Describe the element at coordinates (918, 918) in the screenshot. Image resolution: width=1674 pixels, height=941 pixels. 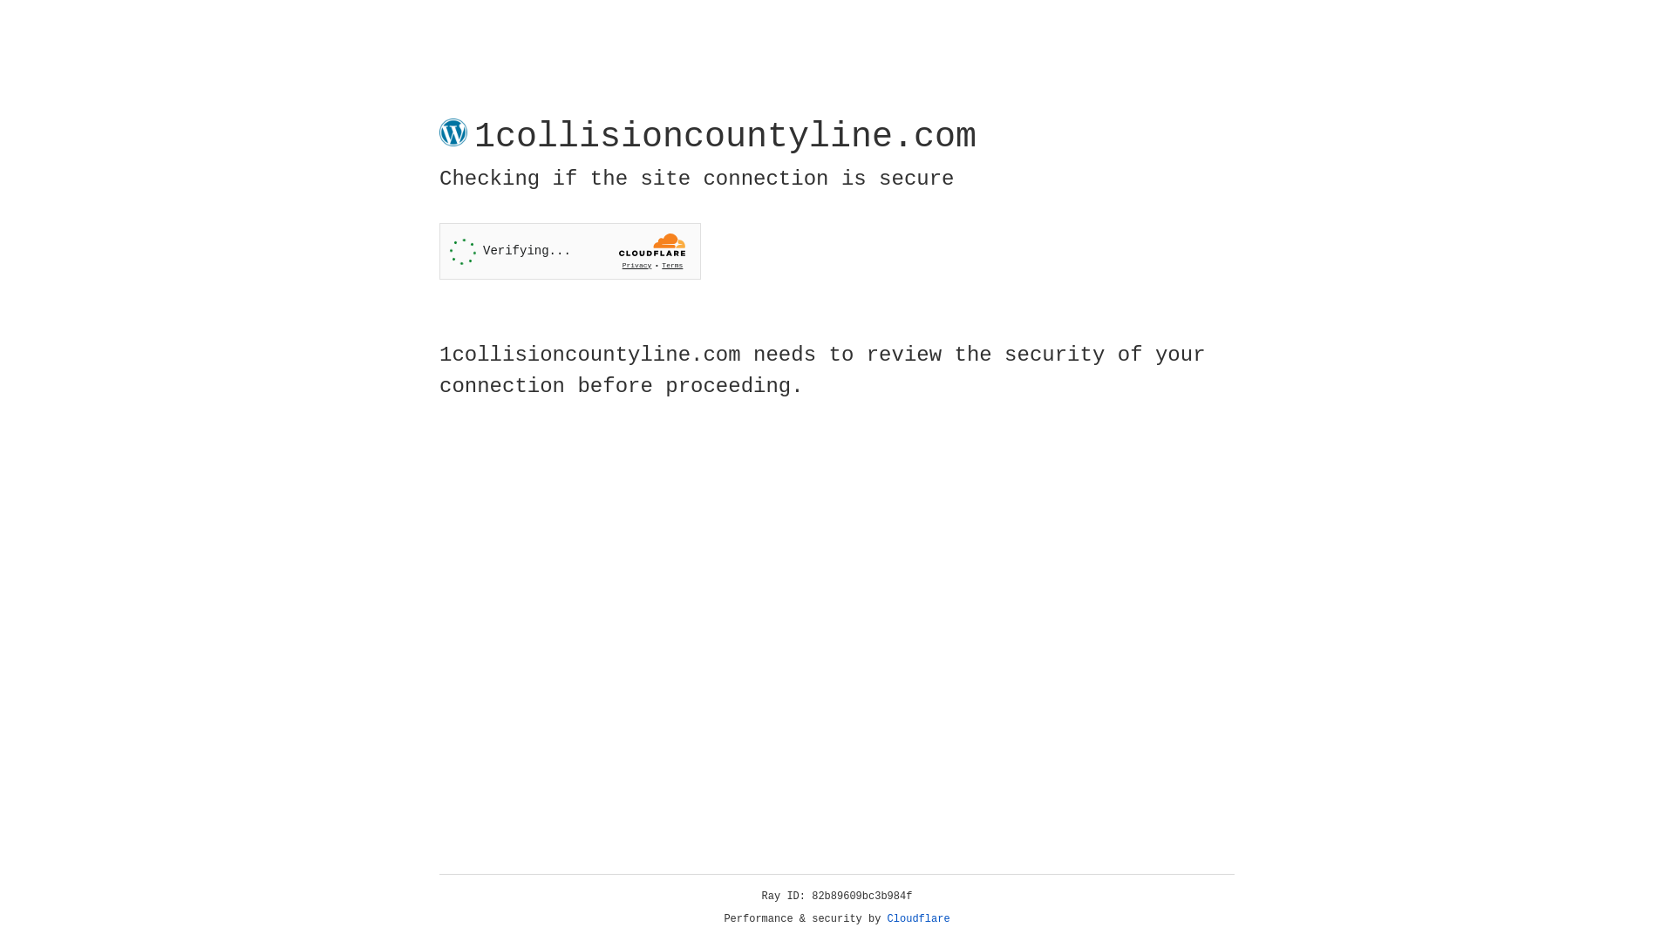
I see `'Cloudflare'` at that location.